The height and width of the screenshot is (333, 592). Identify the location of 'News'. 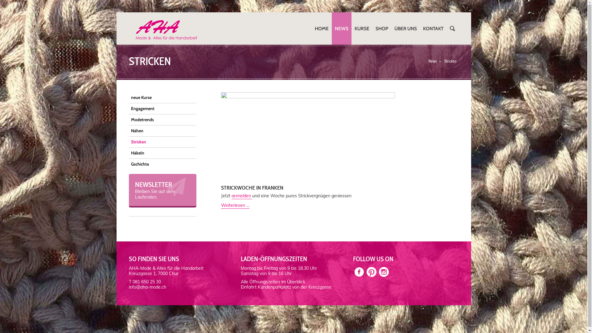
(432, 61).